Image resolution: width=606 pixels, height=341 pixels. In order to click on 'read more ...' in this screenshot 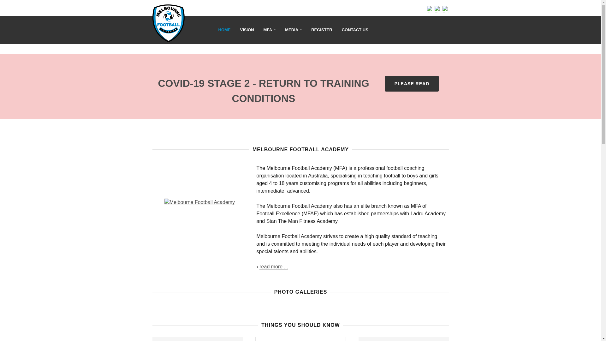, I will do `click(259, 266)`.